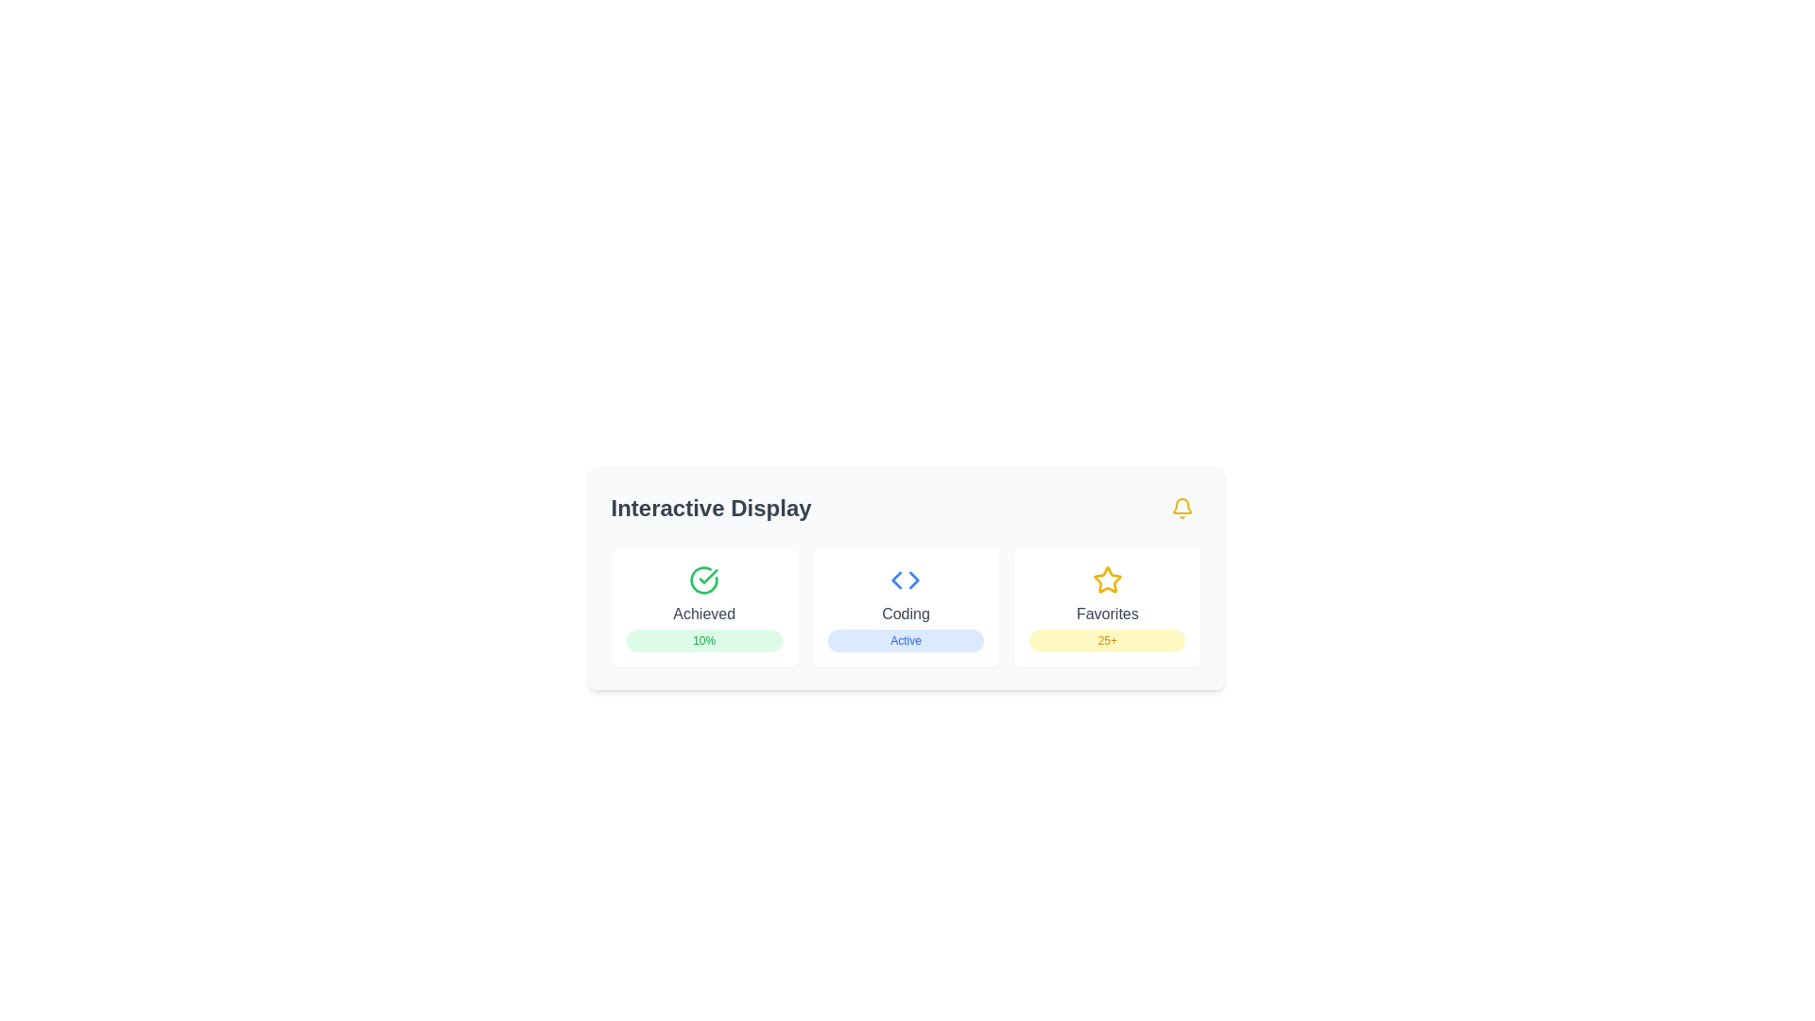 The image size is (1815, 1021). I want to click on the golden-yellow star-shaped icon located at the top center of the 'Favorites' card, so click(1107, 579).